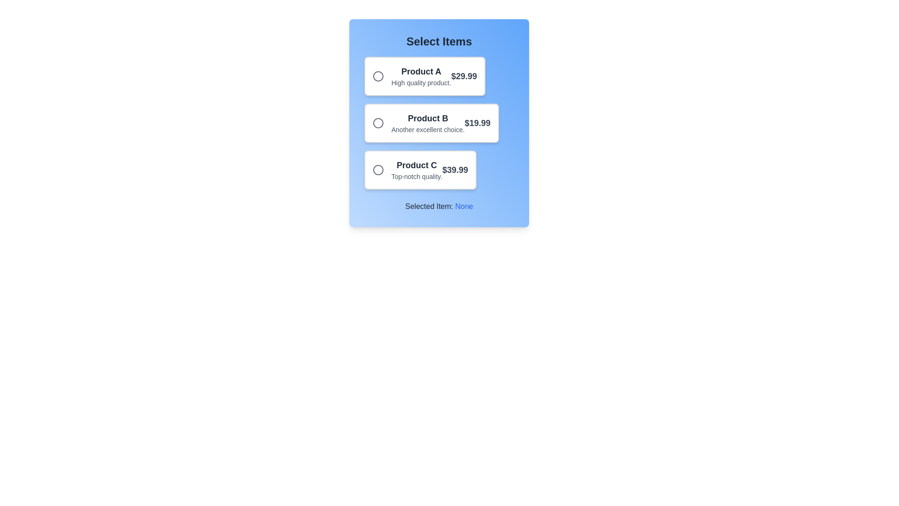 The height and width of the screenshot is (506, 899). What do you see at coordinates (420, 170) in the screenshot?
I see `the selectable option for 'Product C' in the list of product options by clicking on the radio button associated with it` at bounding box center [420, 170].